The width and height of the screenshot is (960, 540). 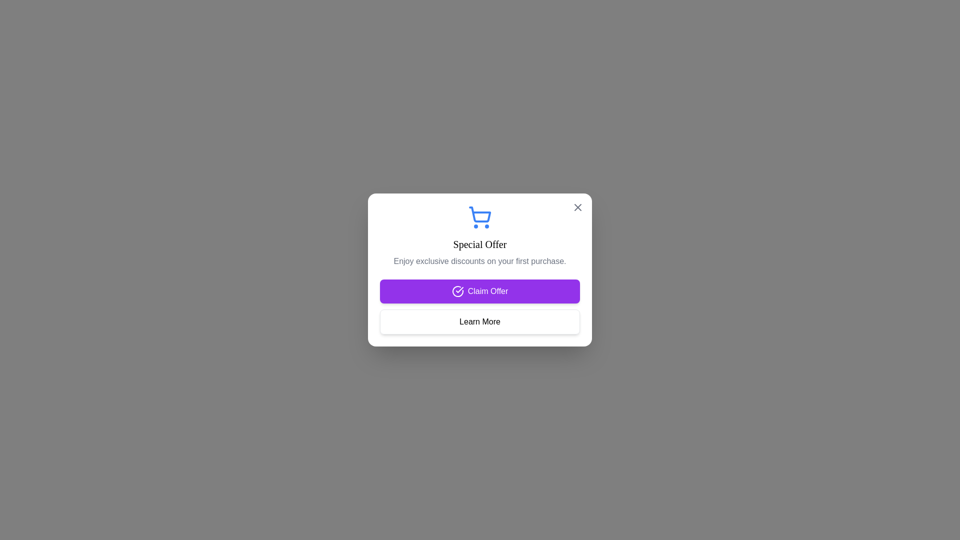 I want to click on close button to dismiss the dialog, so click(x=578, y=207).